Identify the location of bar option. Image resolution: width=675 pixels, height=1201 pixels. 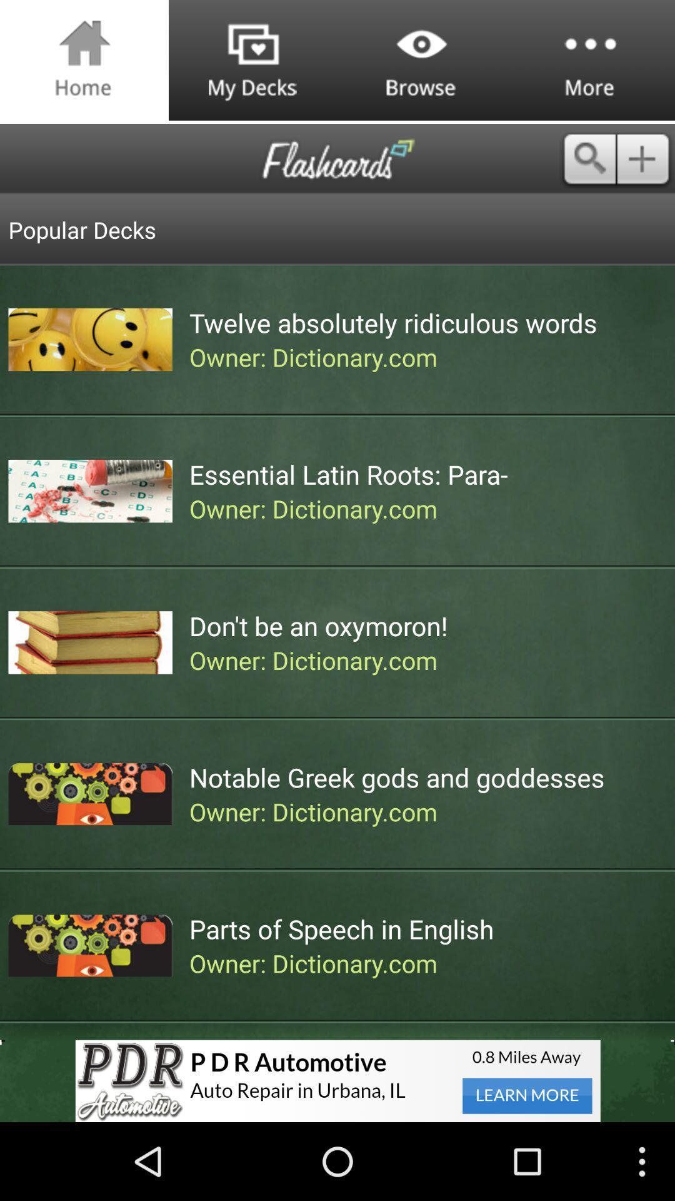
(646, 158).